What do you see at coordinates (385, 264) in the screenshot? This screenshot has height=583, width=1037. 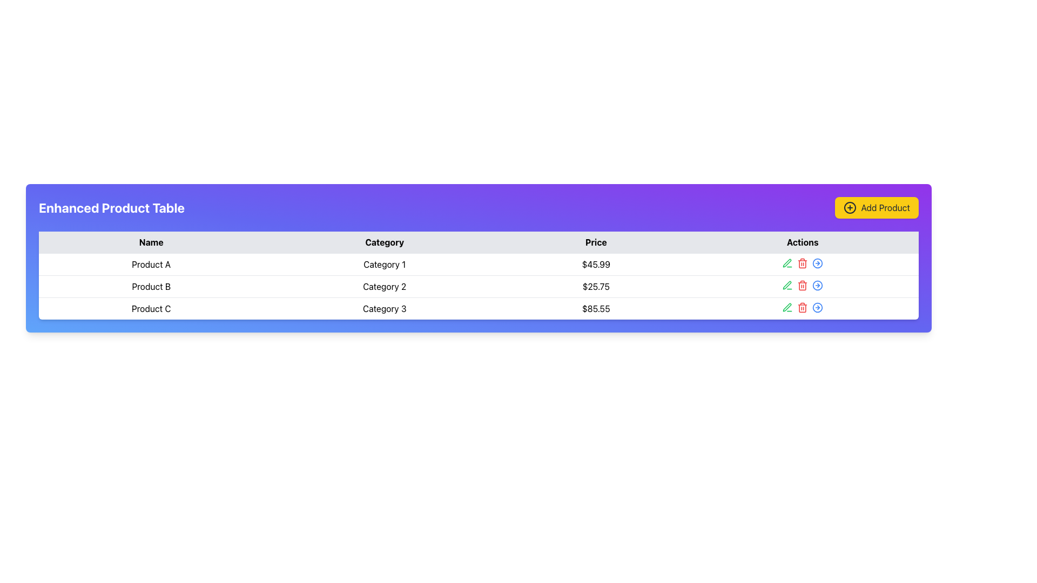 I see `text content of the label indicating the category of 'Product A', located in the second column of the first row of the table` at bounding box center [385, 264].